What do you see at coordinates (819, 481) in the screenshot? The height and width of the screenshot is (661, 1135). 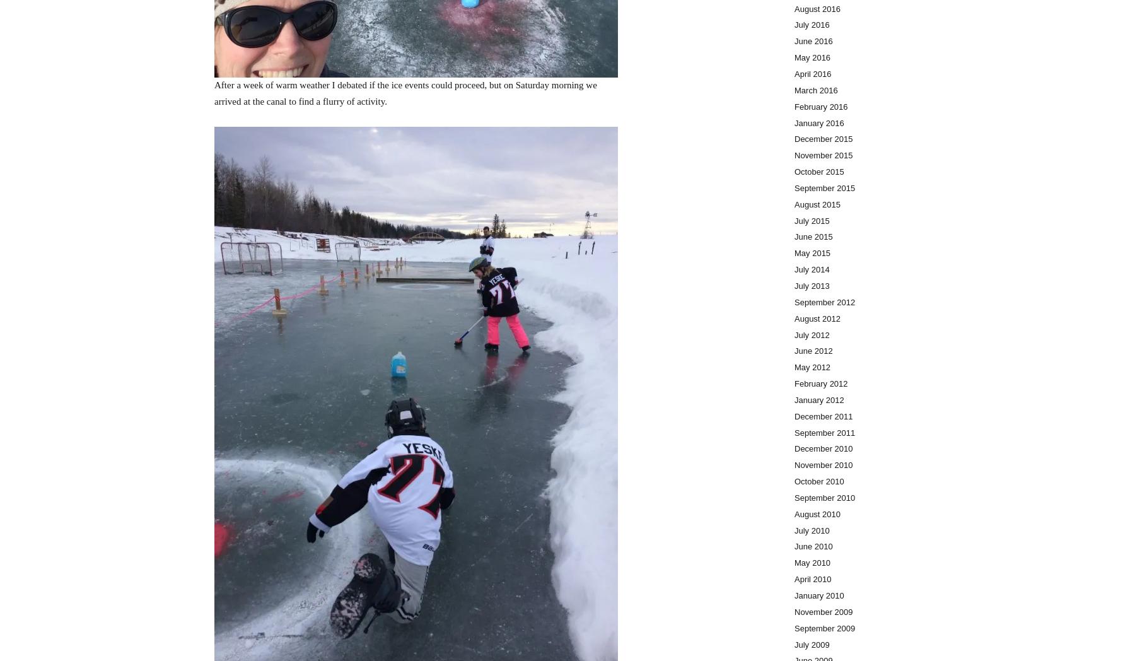 I see `'October 2010'` at bounding box center [819, 481].